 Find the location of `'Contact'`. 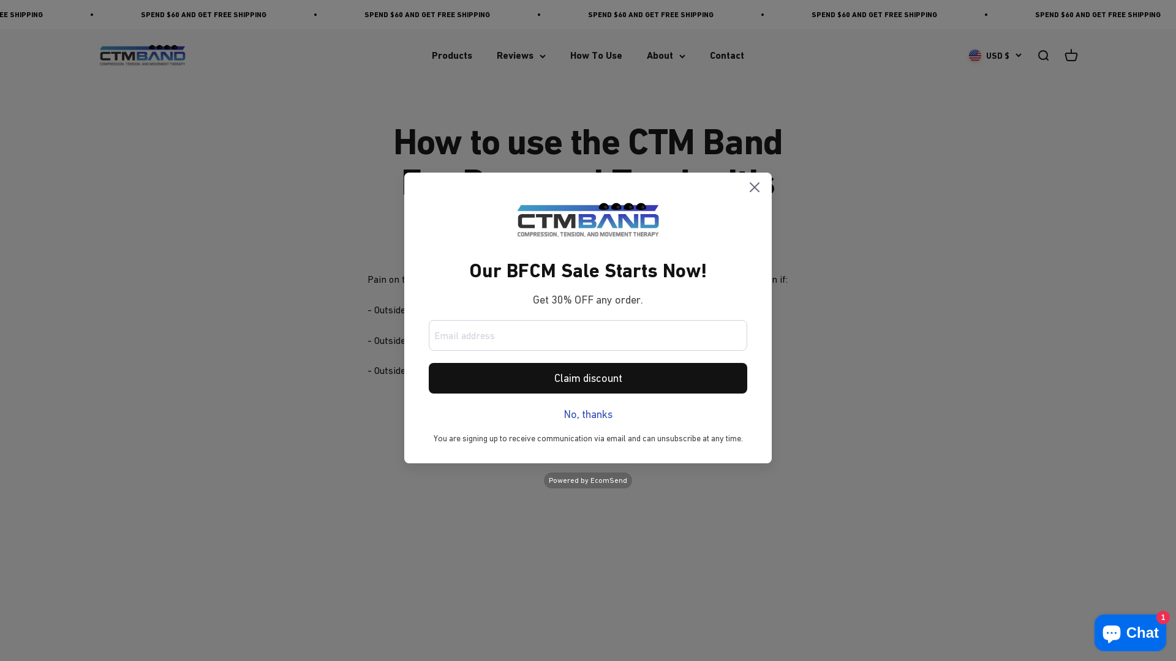

'Contact' is located at coordinates (726, 56).